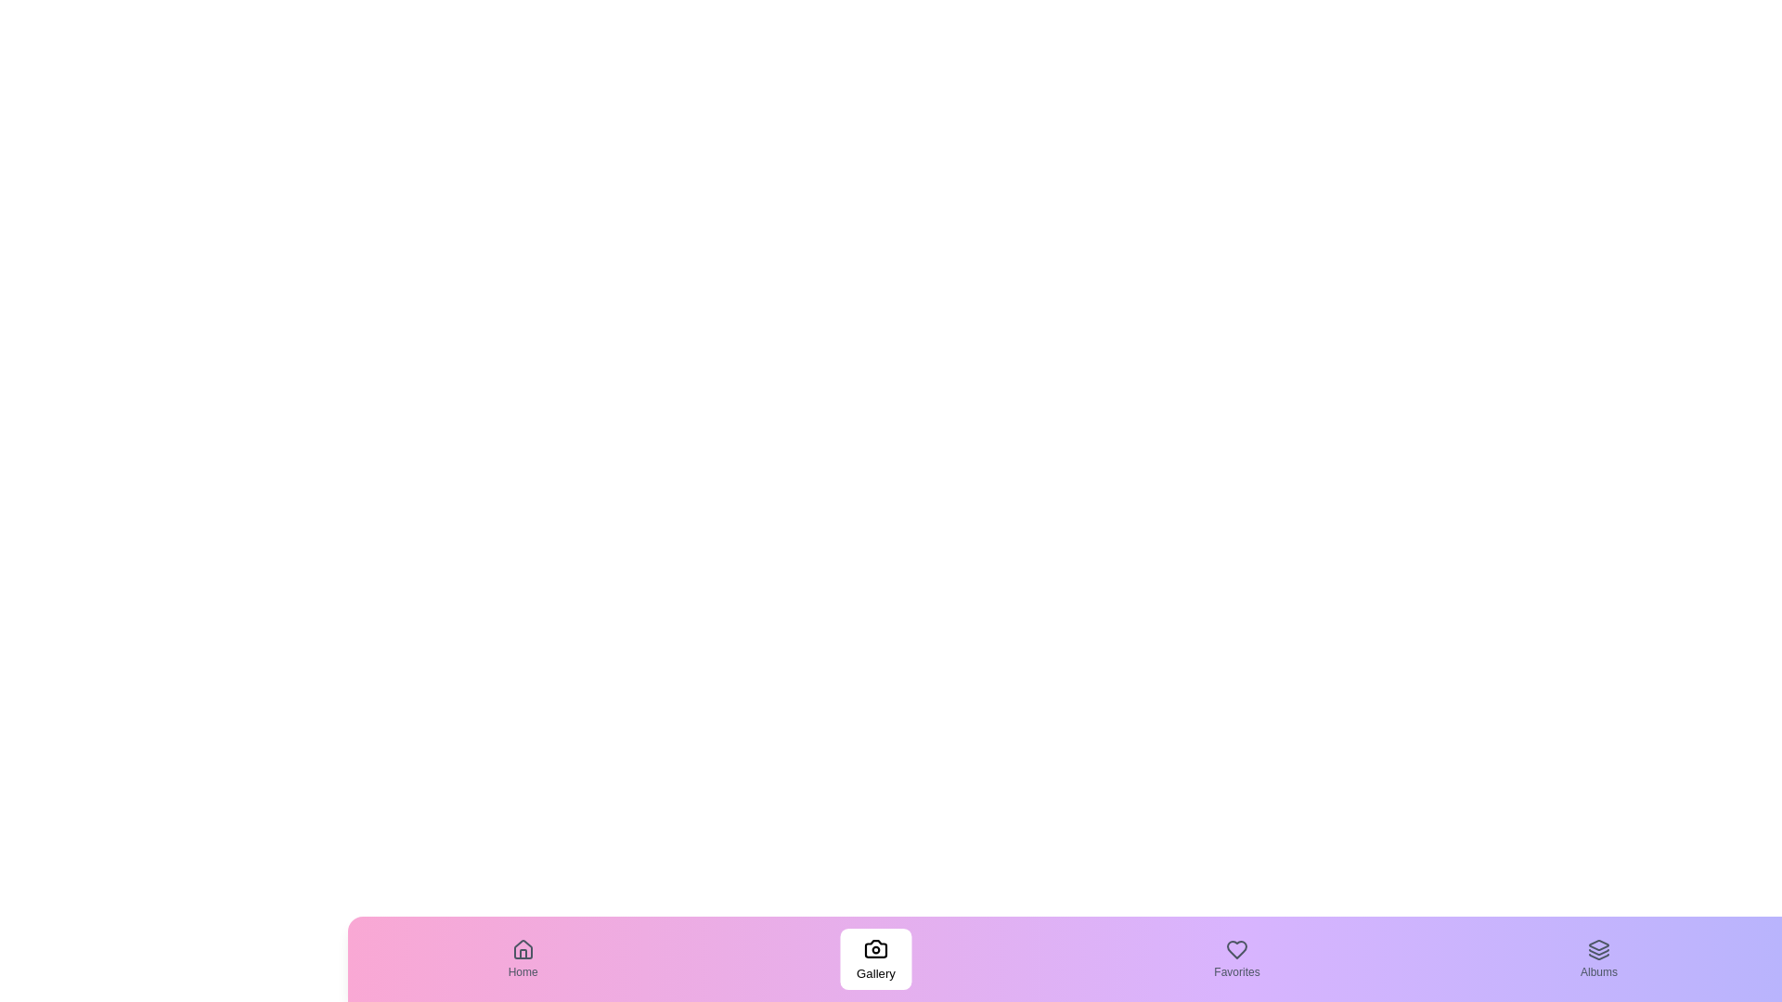 The height and width of the screenshot is (1002, 1782). What do you see at coordinates (875, 958) in the screenshot?
I see `the gallery tab in the navigation bar` at bounding box center [875, 958].